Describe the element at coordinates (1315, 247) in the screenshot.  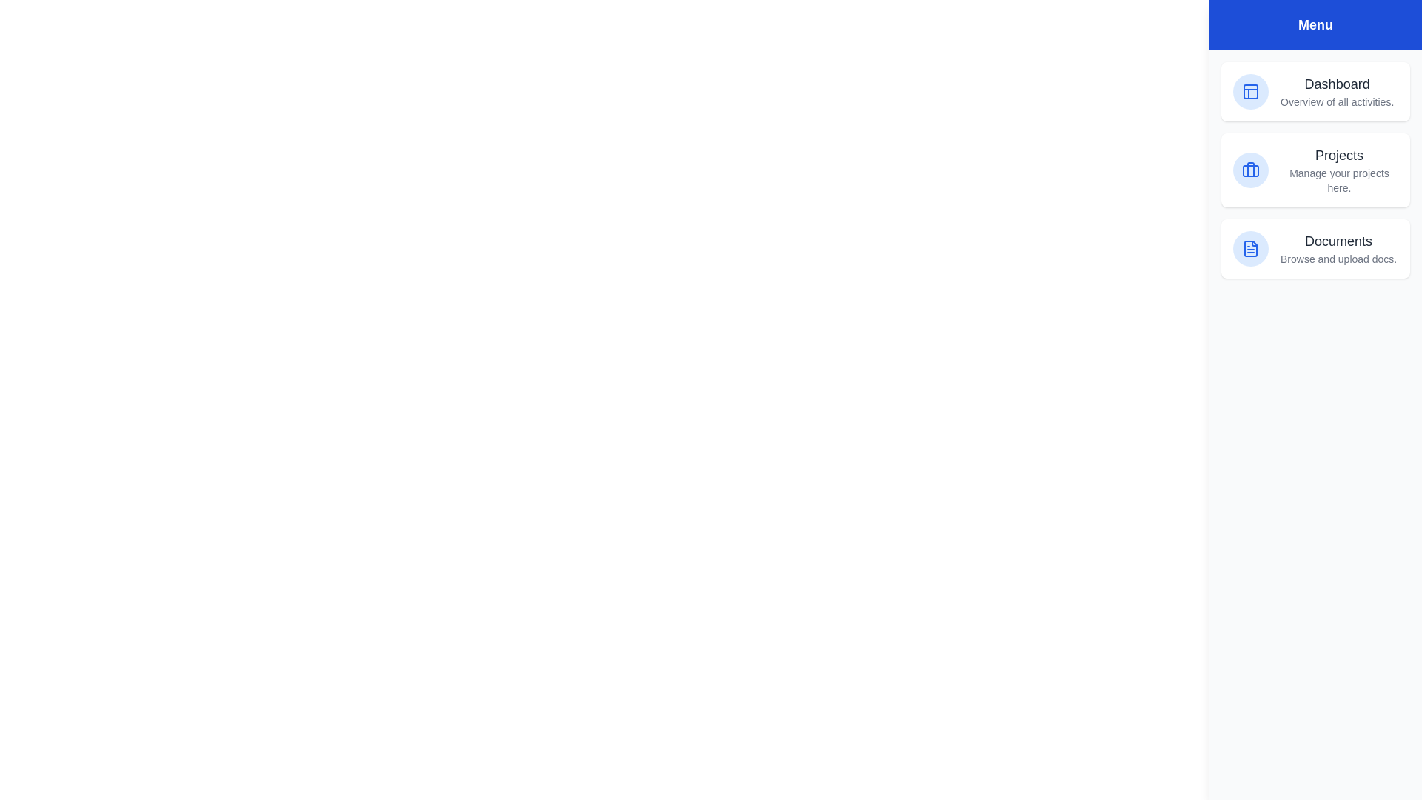
I see `the menu item Documents from the list` at that location.